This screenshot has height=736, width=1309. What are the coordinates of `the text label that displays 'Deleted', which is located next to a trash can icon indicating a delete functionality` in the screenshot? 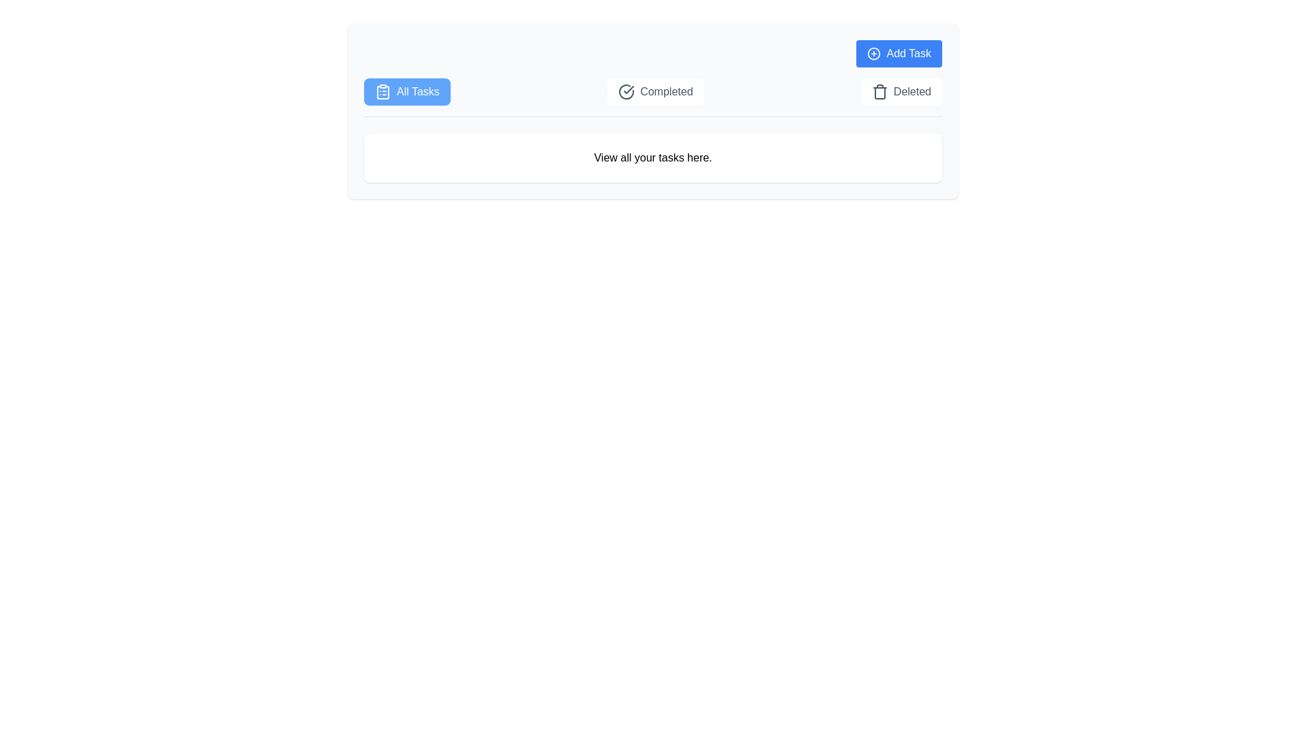 It's located at (912, 92).